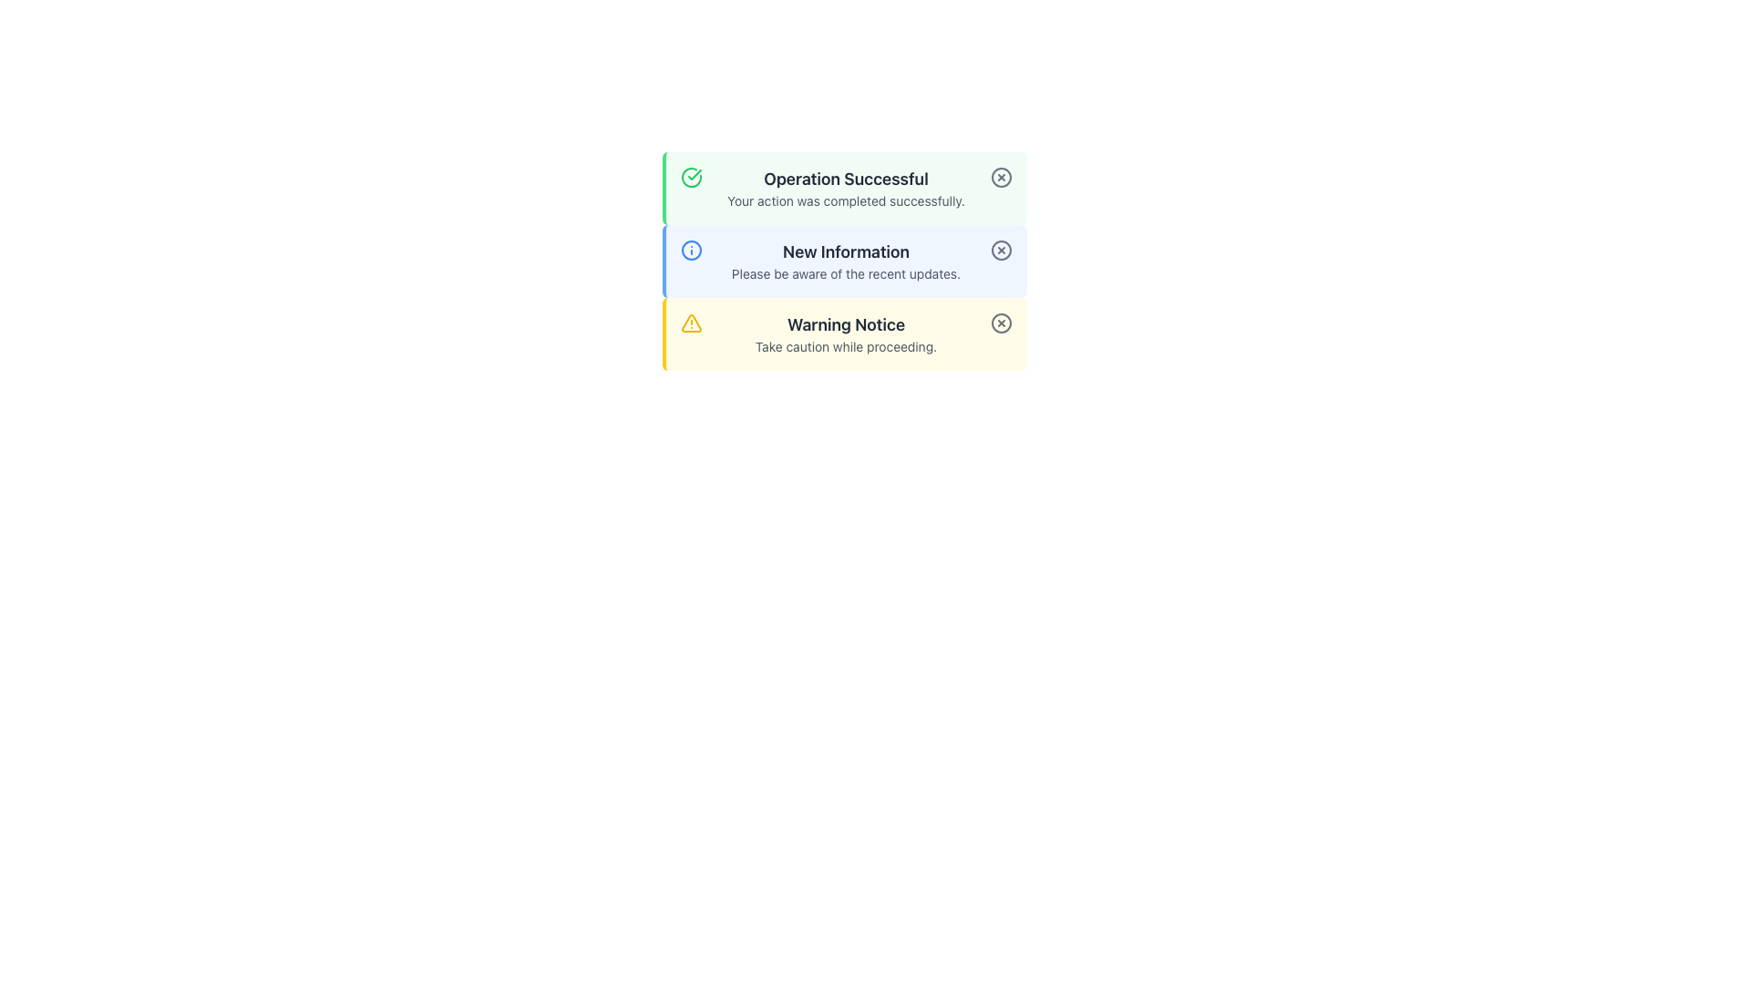  I want to click on information from the centered informational notification box with a blue background, titled 'New Information' in bold black text, containing details about recent updates, so click(843, 261).